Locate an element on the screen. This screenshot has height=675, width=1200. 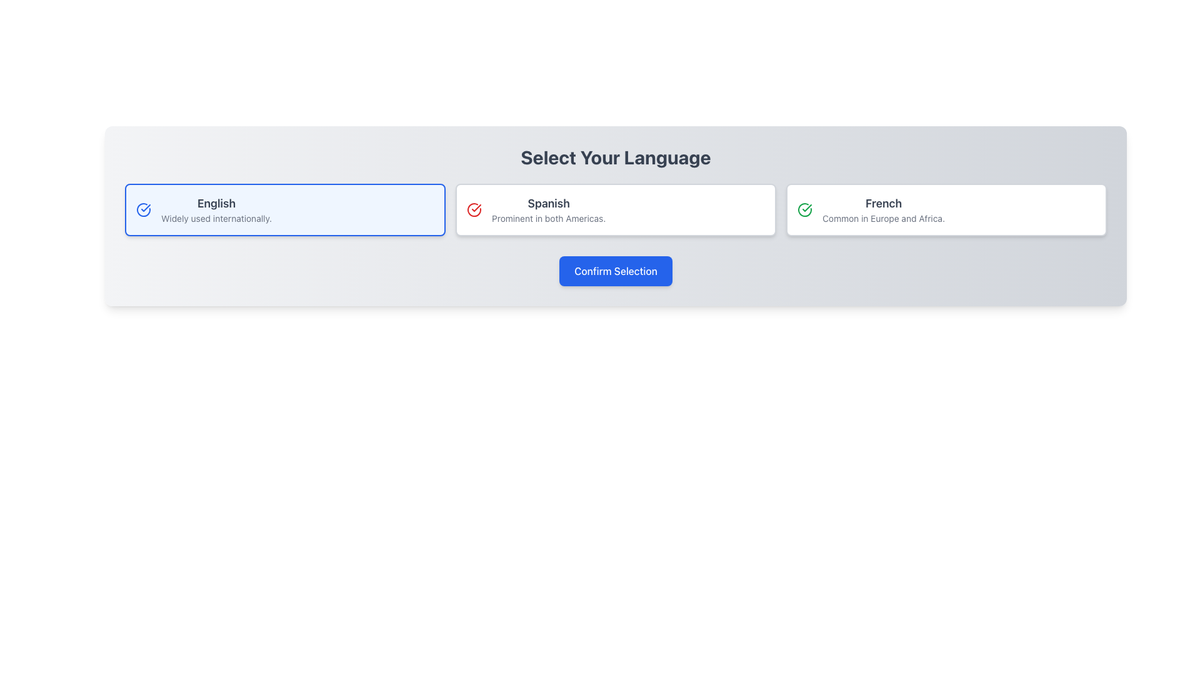
the blue checkmark icon within the 'English' option in the SVG graphic is located at coordinates (146, 207).